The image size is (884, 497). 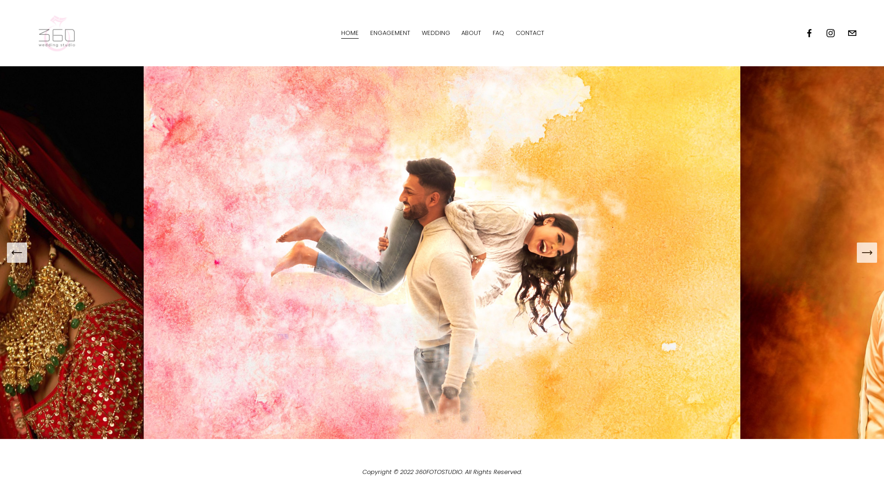 What do you see at coordinates (435, 33) in the screenshot?
I see `'WEDDING'` at bounding box center [435, 33].